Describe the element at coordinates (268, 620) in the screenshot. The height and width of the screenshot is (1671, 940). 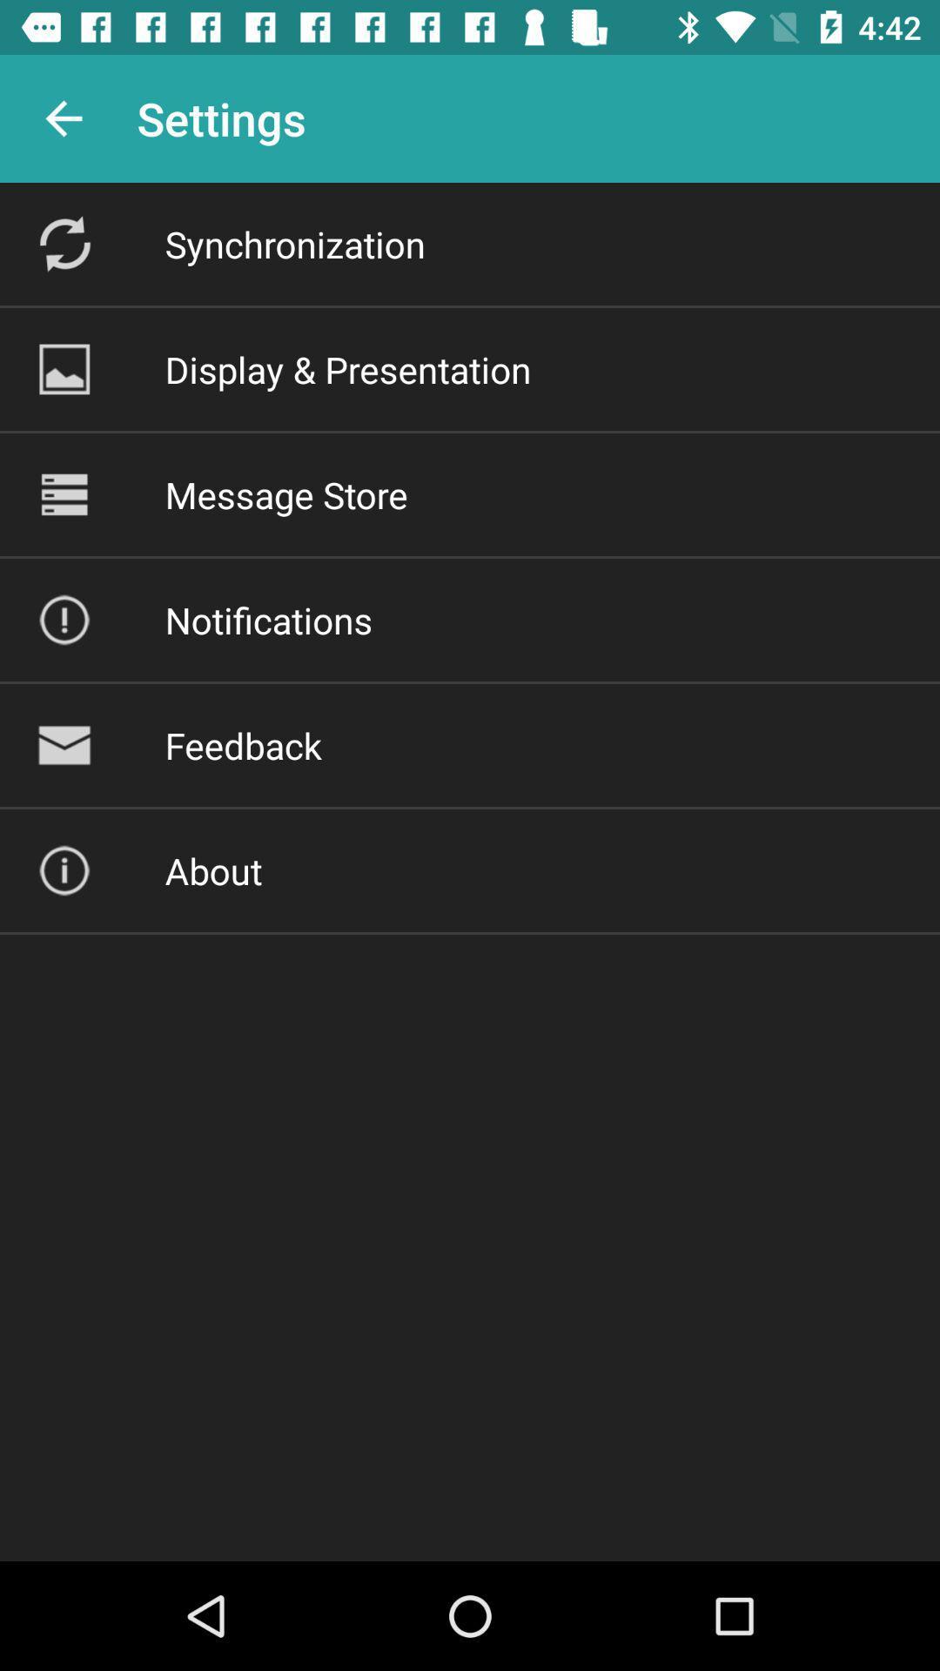
I see `icon above the feedback item` at that location.